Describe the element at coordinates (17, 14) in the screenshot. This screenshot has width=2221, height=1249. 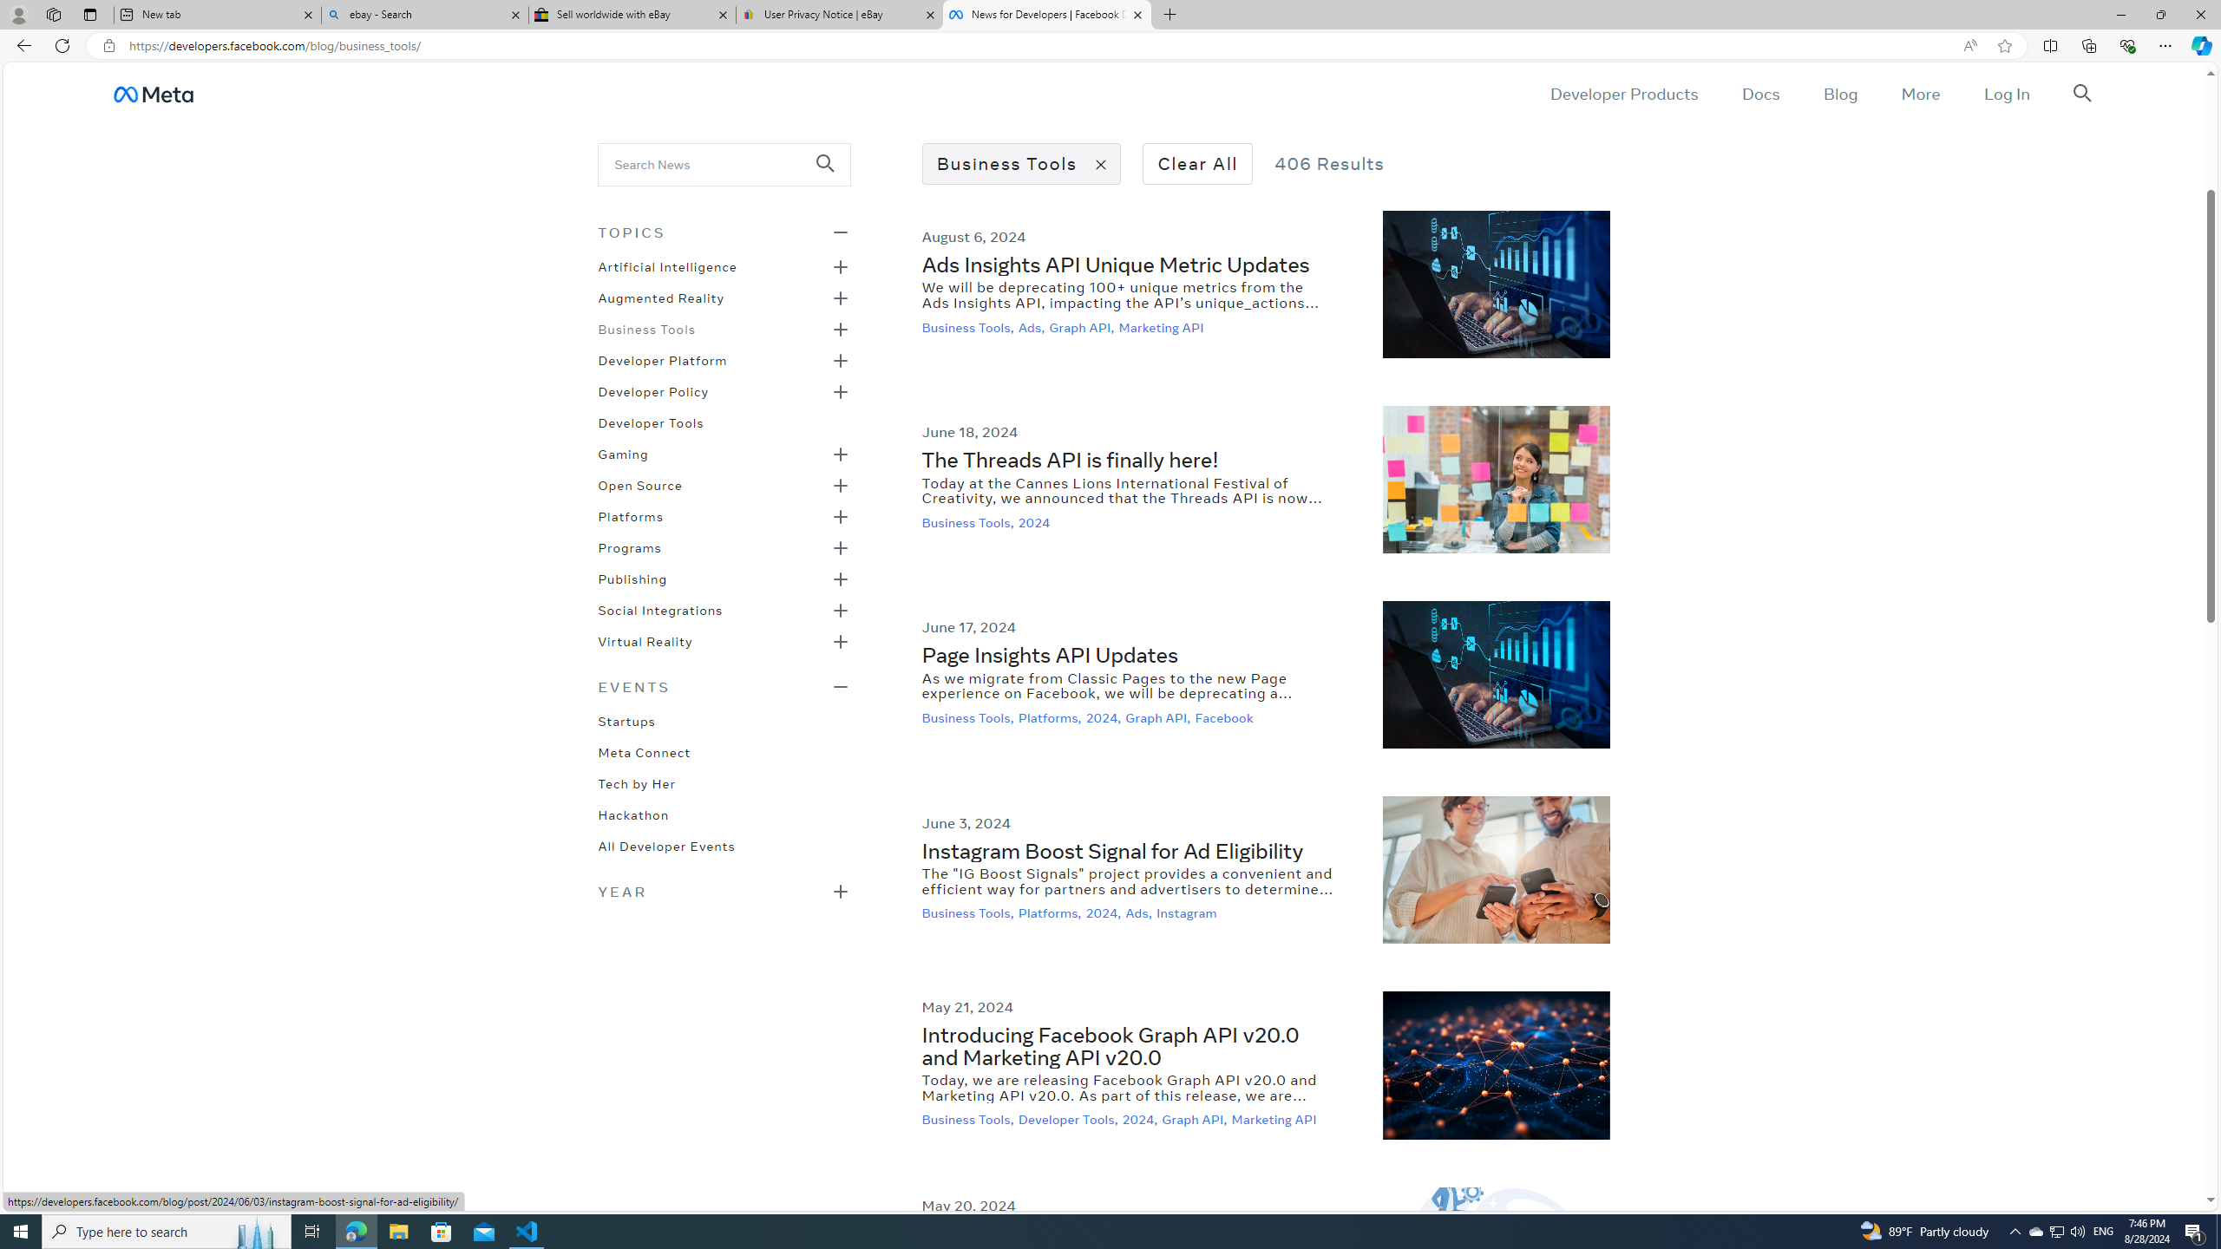
I see `'Personal Profile'` at that location.